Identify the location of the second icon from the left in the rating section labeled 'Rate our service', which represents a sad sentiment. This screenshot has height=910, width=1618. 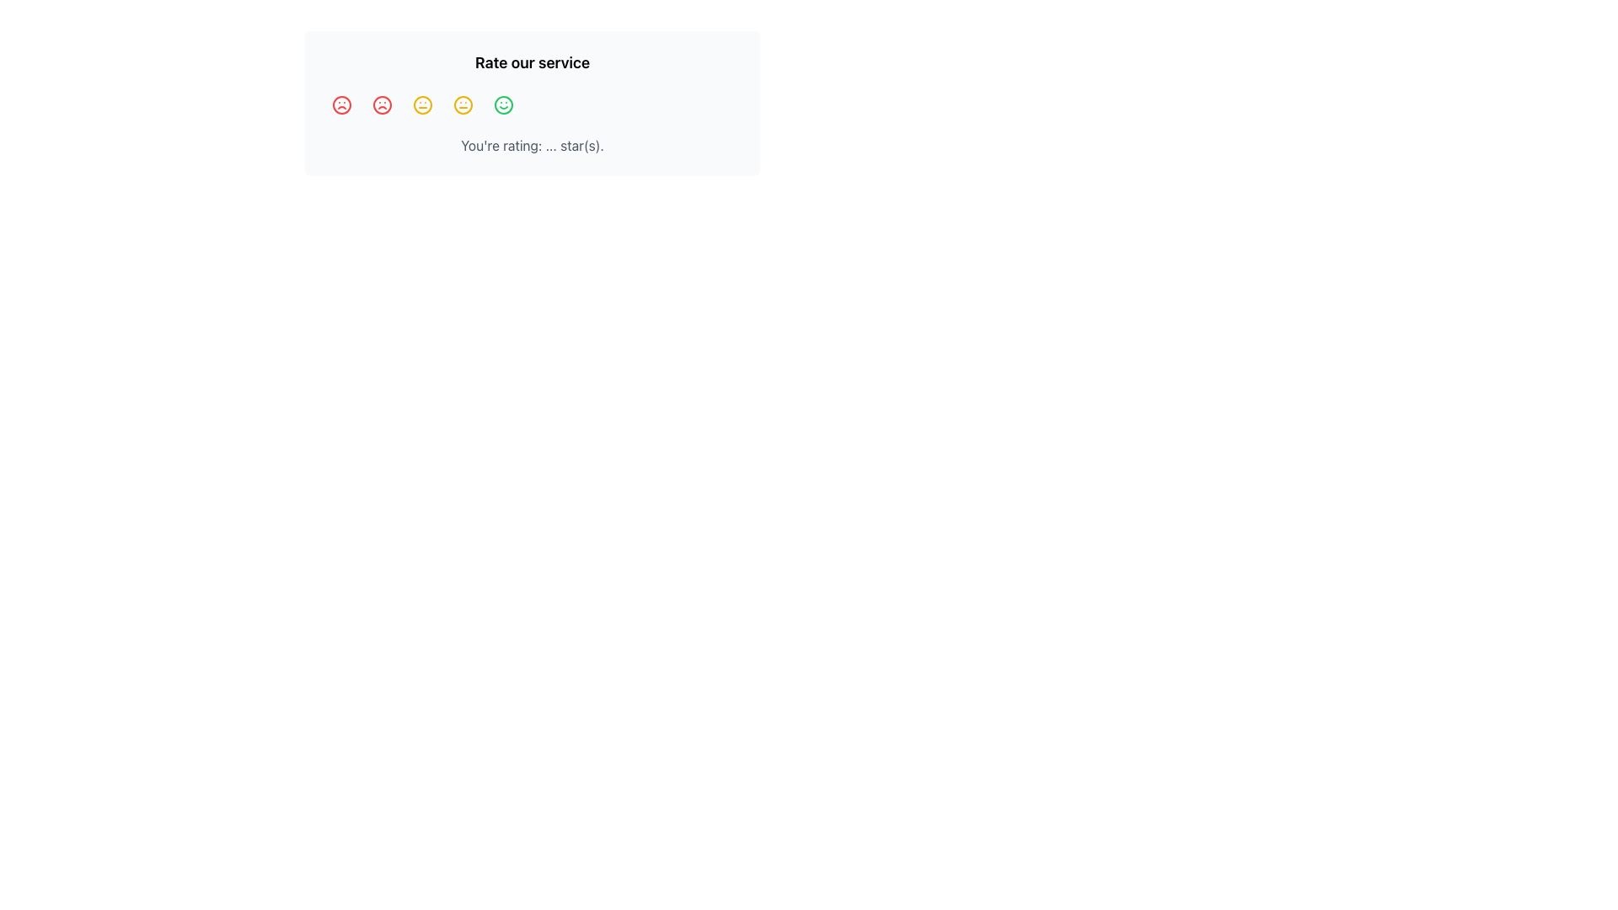
(382, 104).